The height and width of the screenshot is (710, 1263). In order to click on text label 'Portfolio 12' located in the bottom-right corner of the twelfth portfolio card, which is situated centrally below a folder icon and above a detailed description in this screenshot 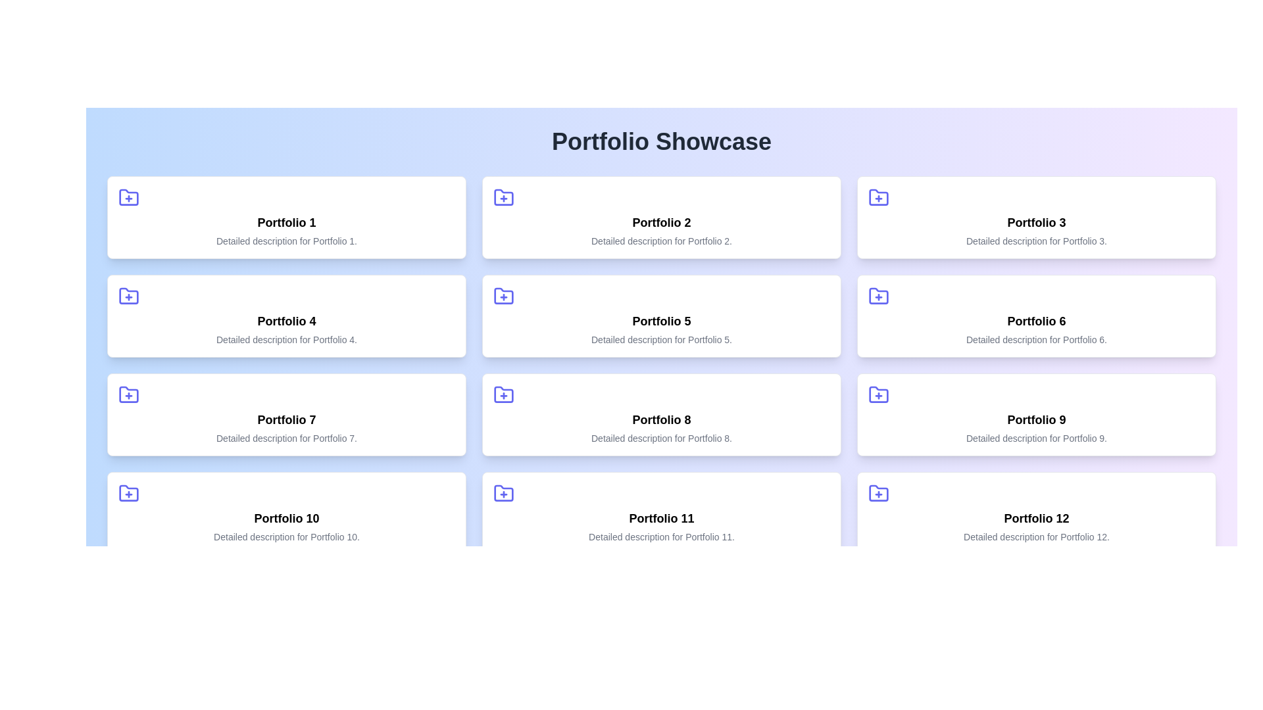, I will do `click(1035, 518)`.